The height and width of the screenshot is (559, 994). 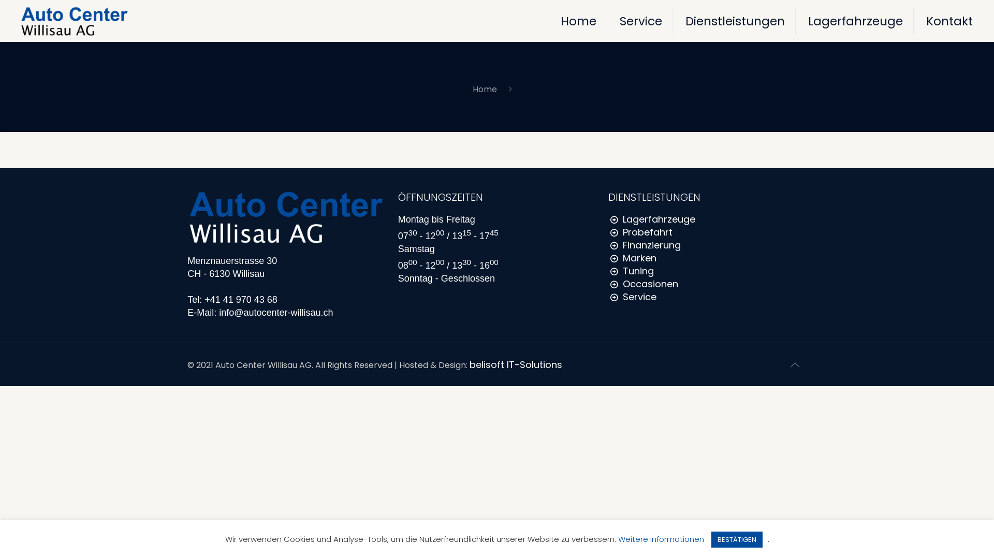 I want to click on 'Kontakt', so click(x=949, y=21).